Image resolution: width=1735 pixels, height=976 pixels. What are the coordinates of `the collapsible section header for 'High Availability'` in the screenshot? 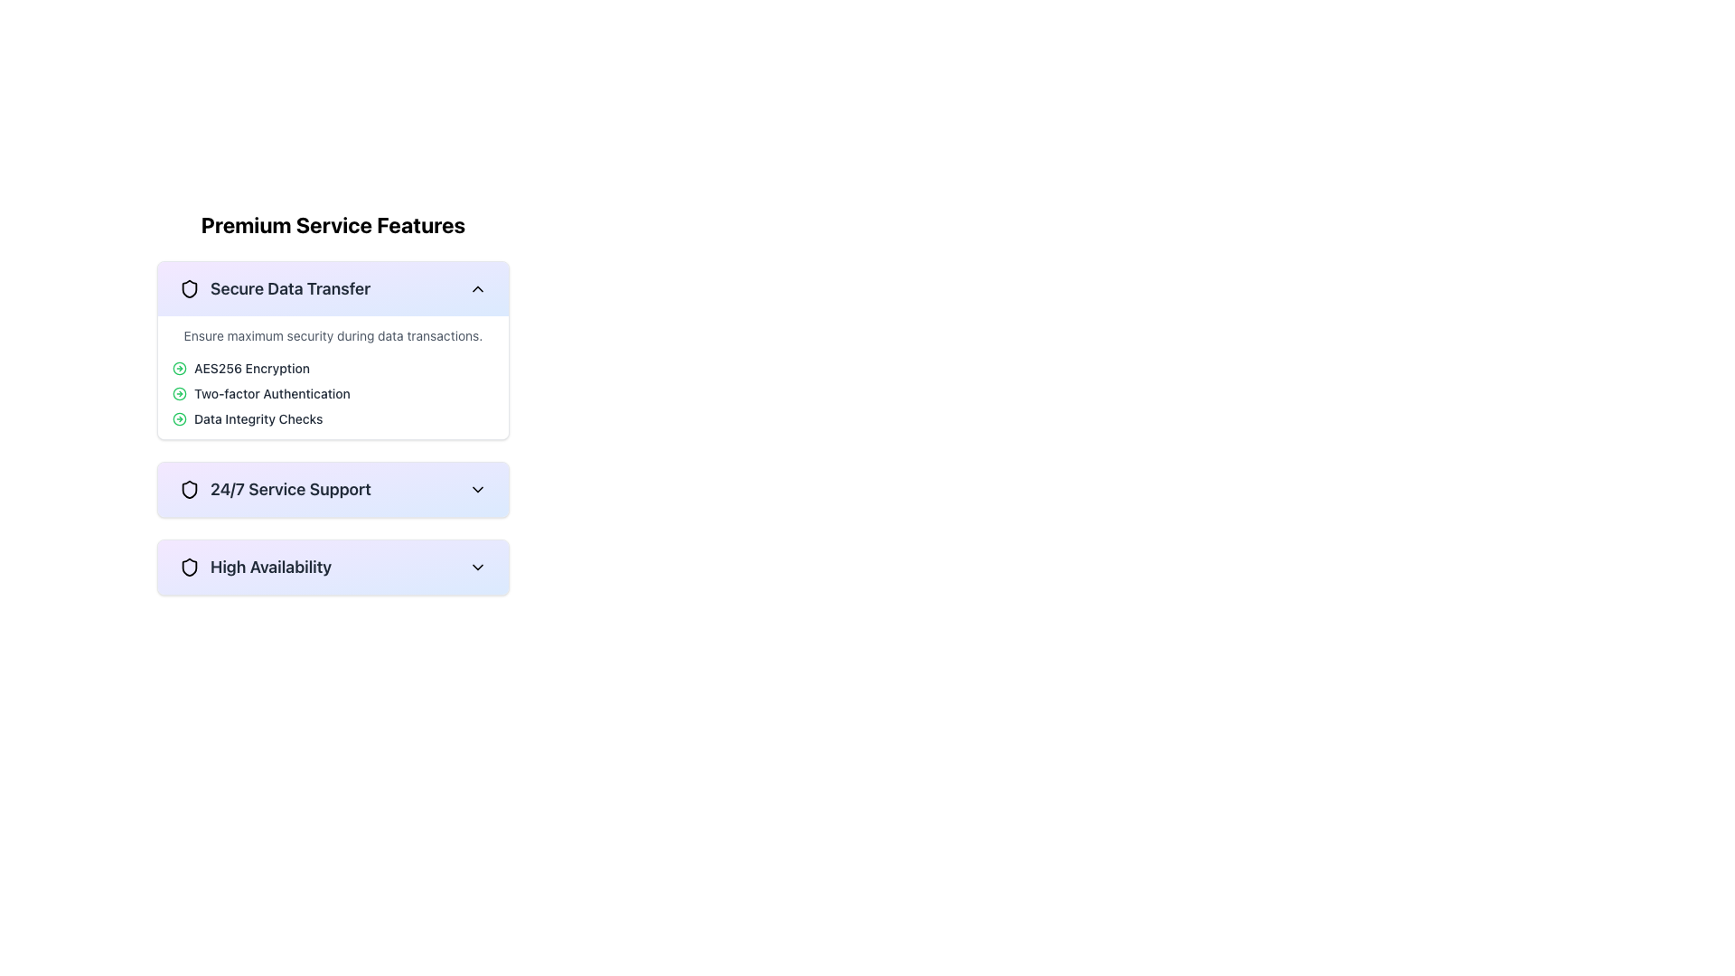 It's located at (333, 567).